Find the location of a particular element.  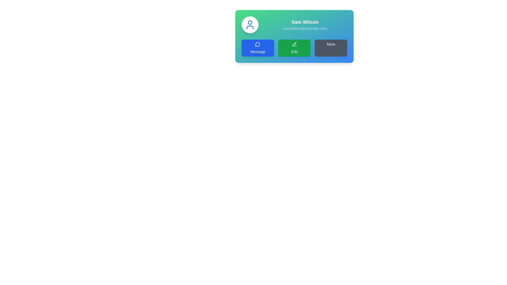

text element labeled 'Message' which is displayed in white over a blue rounded button, located towards the bottom center of the button is located at coordinates (258, 52).